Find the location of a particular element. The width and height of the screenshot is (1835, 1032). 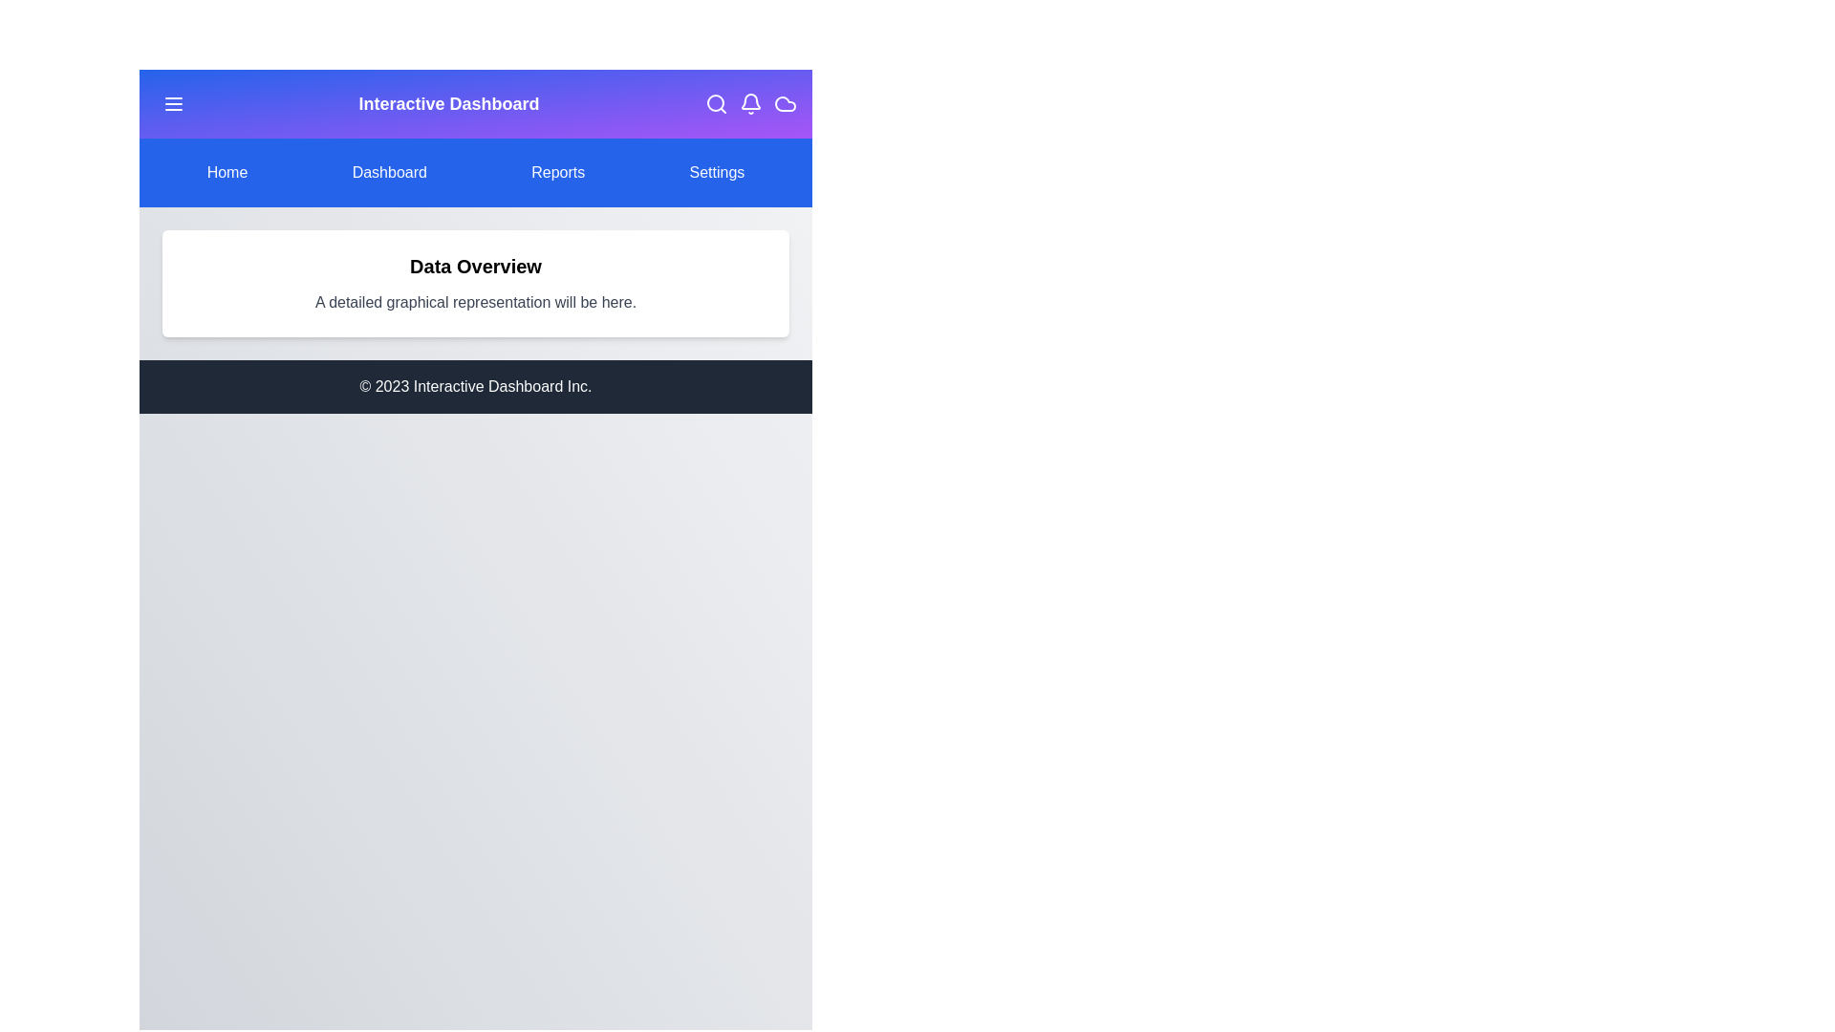

the 'Bell' icon to check notifications is located at coordinates (750, 103).